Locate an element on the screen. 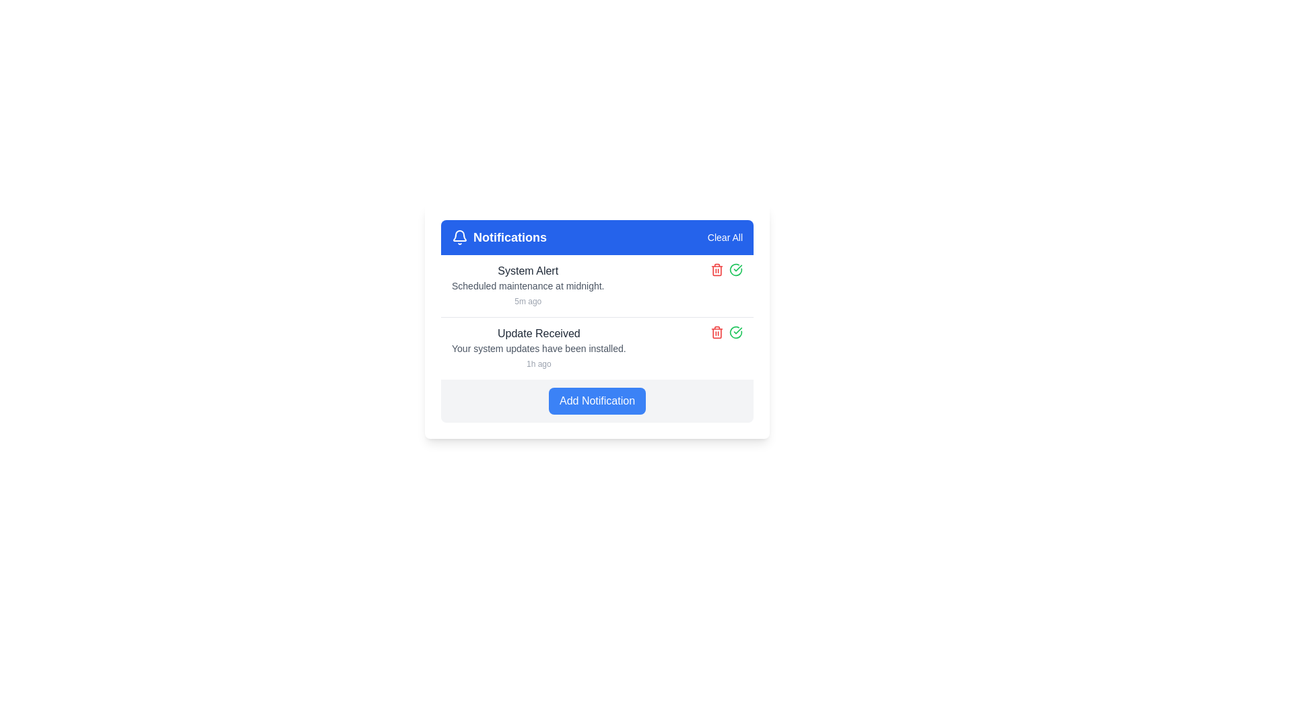  the text link to clear all notifications located in the top-right corner of the blue notification bar to underline the text is located at coordinates (724, 237).